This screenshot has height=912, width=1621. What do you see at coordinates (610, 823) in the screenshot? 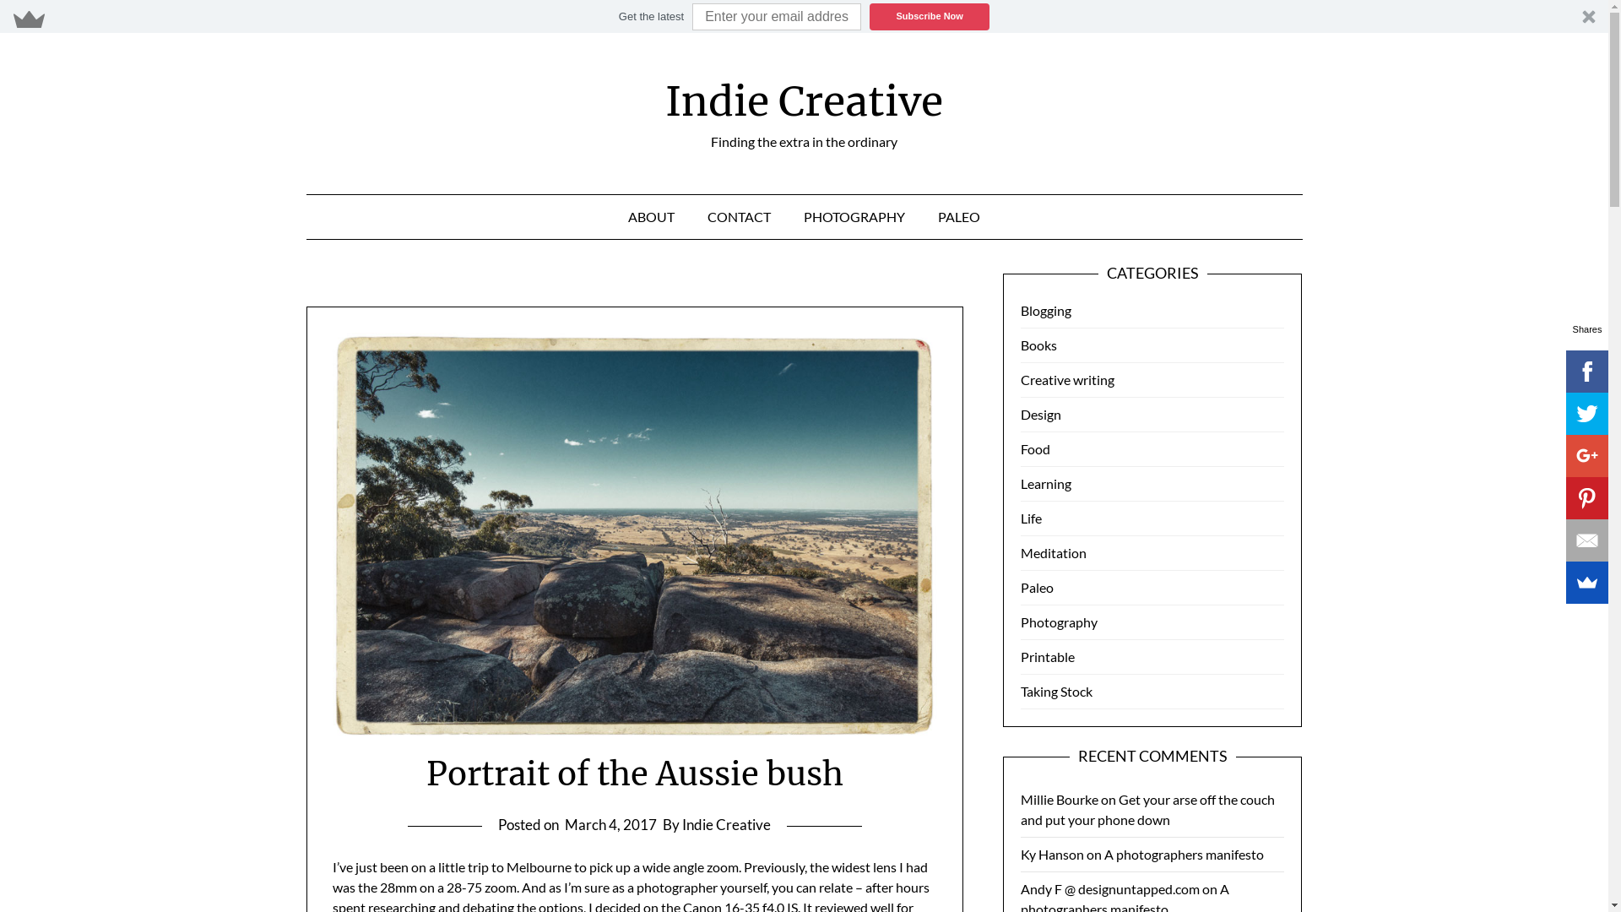
I see `'March 4, 2017'` at bounding box center [610, 823].